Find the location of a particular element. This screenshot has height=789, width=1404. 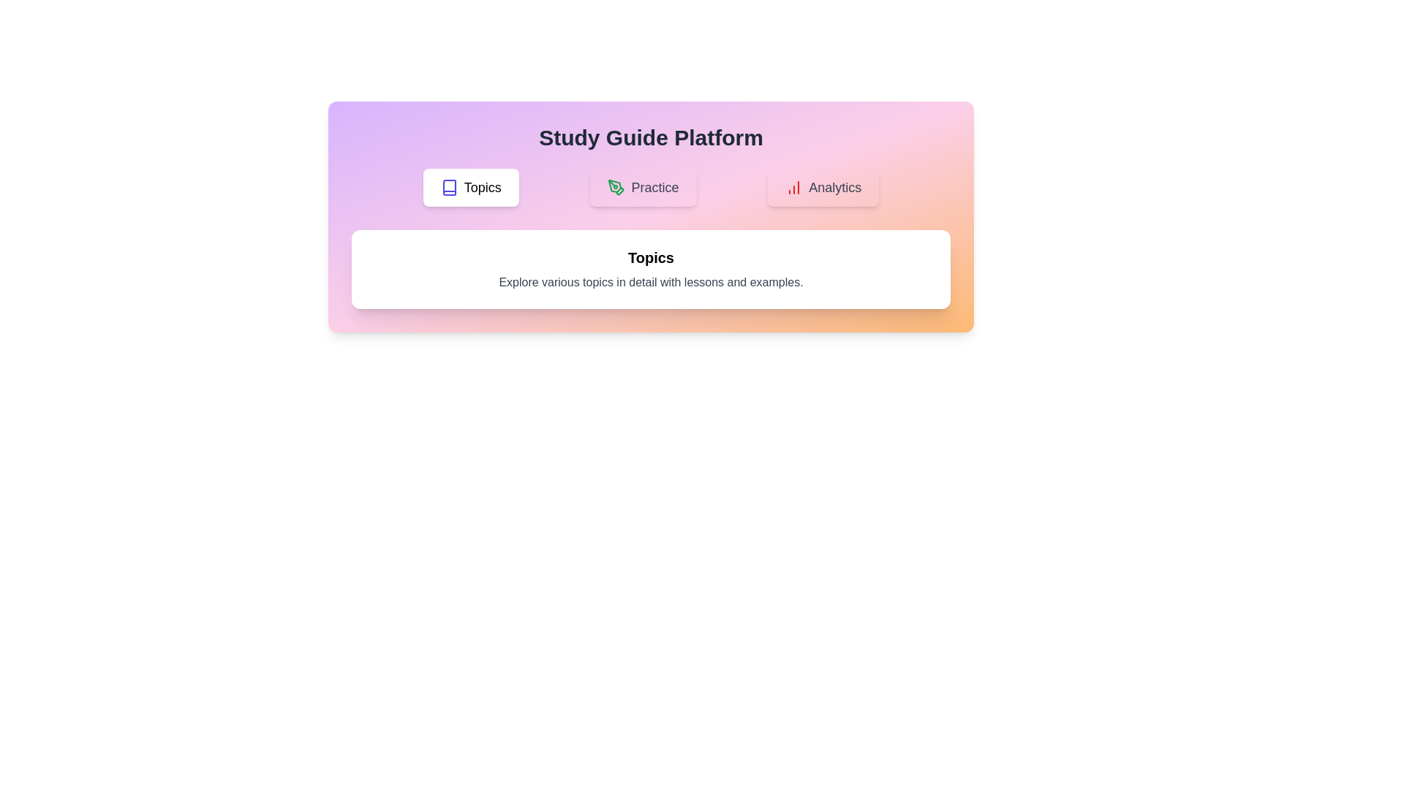

the Practice button to observe its hover effect is located at coordinates (643, 187).